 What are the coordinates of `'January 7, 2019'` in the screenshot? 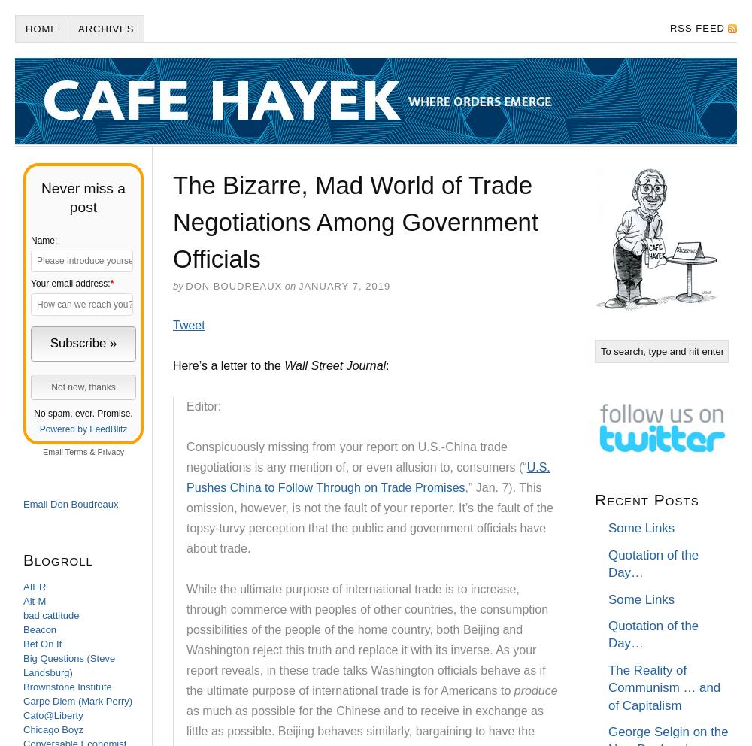 It's located at (343, 286).